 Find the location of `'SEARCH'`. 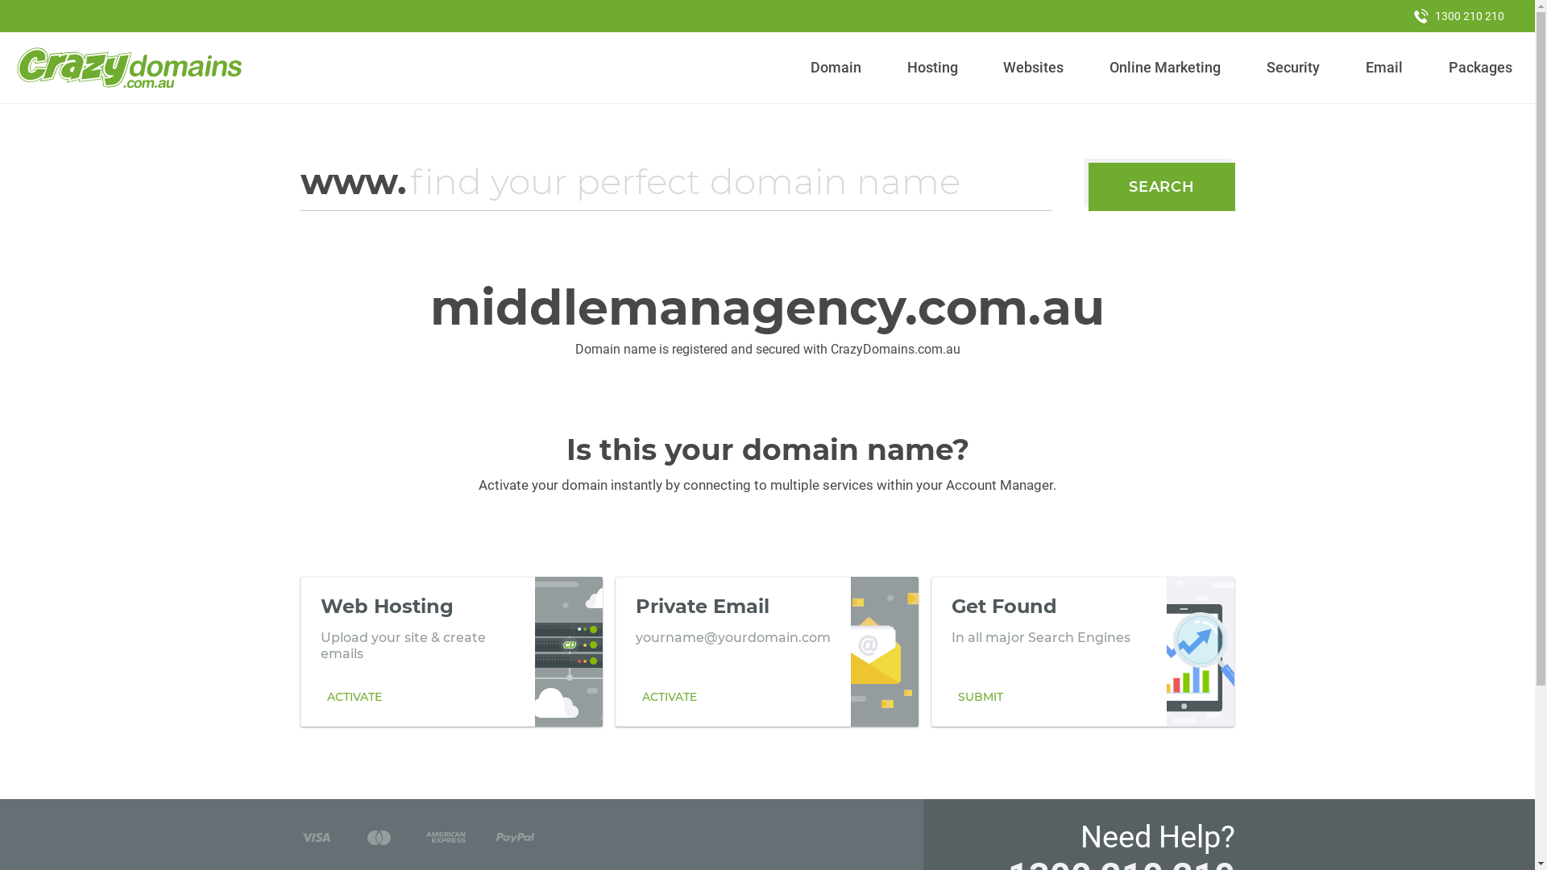

'SEARCH' is located at coordinates (1161, 185).